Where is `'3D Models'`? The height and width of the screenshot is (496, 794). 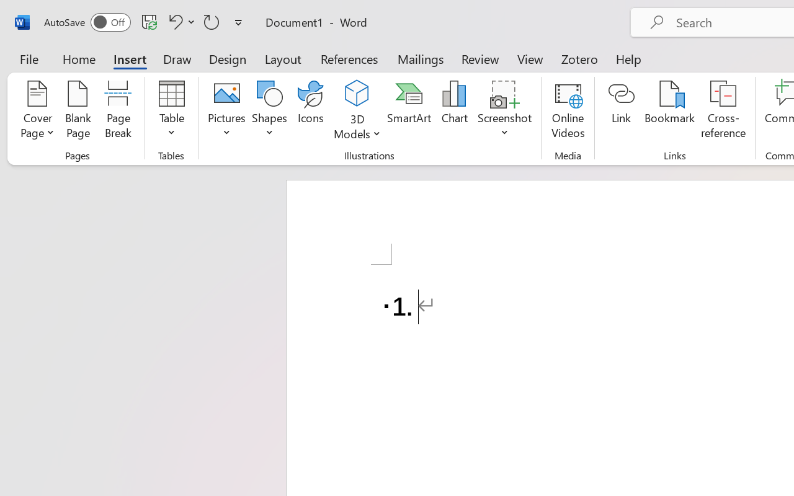 '3D Models' is located at coordinates (357, 111).